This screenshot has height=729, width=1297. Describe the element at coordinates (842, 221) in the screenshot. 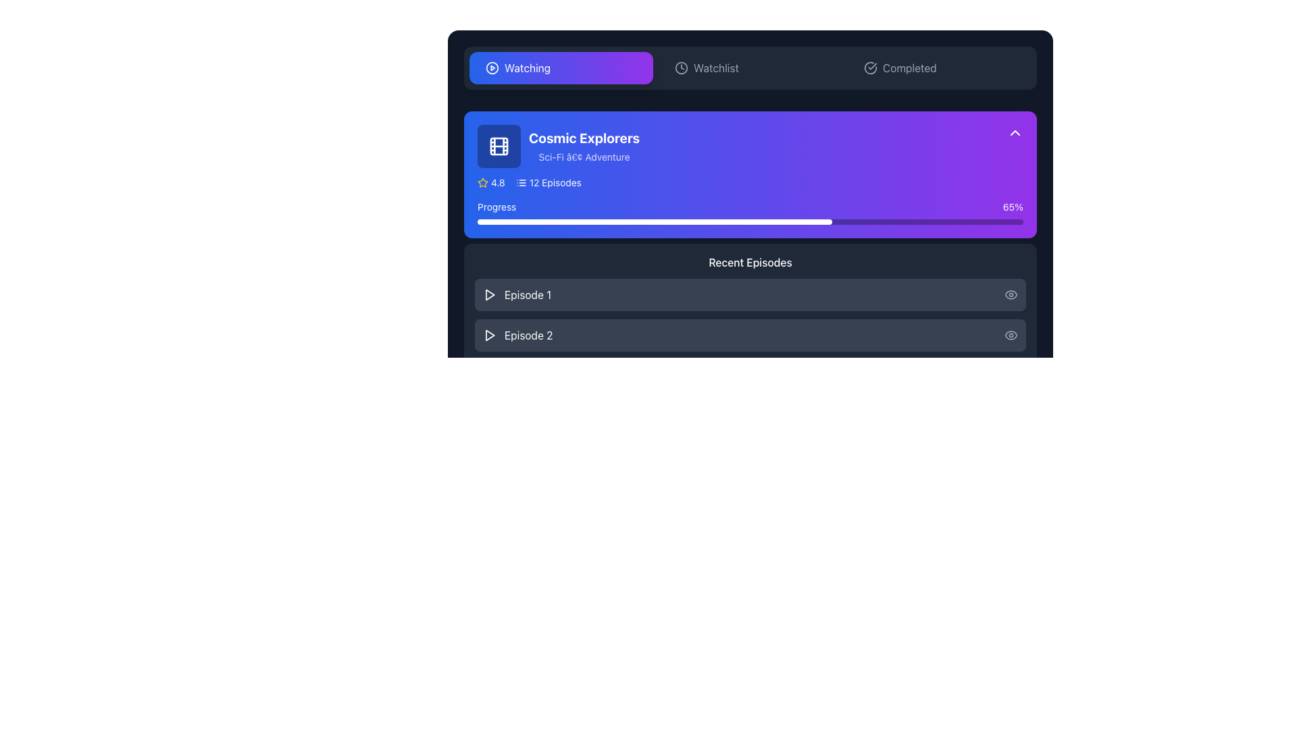

I see `progress bar` at that location.